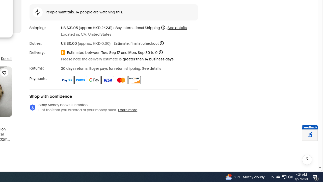  What do you see at coordinates (310, 134) in the screenshot?
I see `'Leave feedback about your eBay ViewItem experience'` at bounding box center [310, 134].